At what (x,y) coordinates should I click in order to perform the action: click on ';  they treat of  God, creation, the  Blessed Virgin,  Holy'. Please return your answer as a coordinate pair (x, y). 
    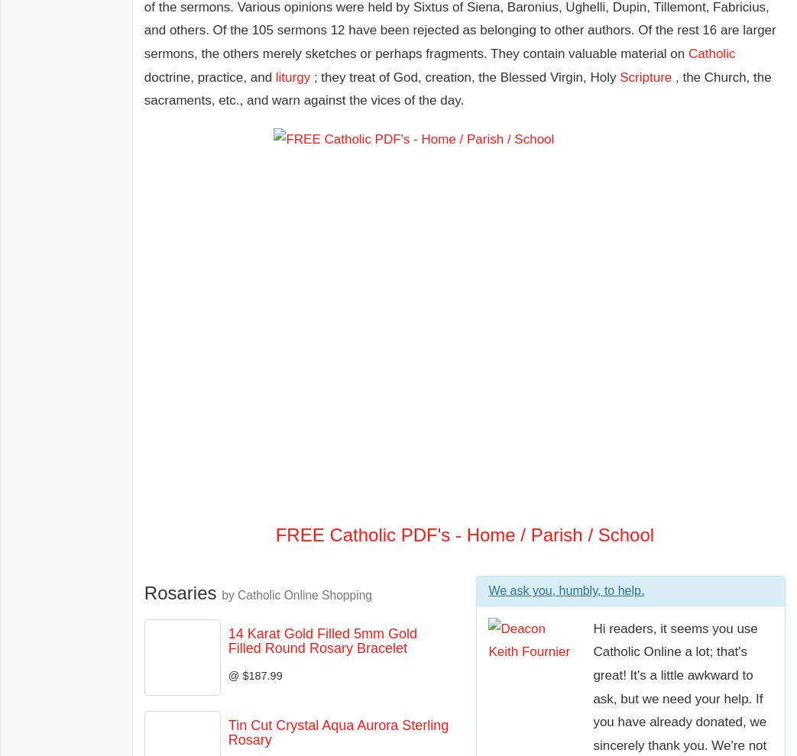
    Looking at the image, I should click on (464, 76).